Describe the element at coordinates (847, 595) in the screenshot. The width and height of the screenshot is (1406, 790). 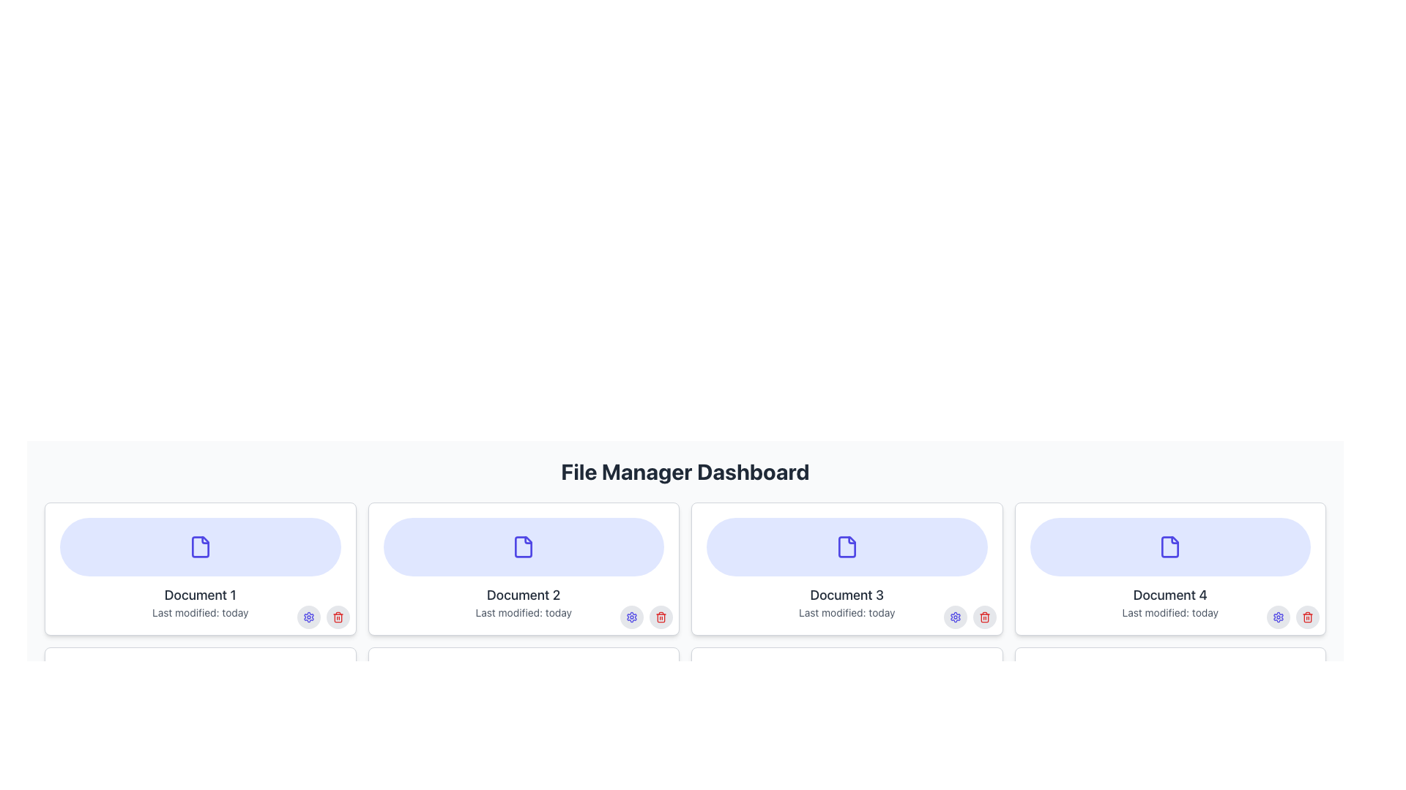
I see `the text label displaying 'Document 3', which is styled with a large gray font and positioned below a document icon and above the 'Last modified: today' label` at that location.